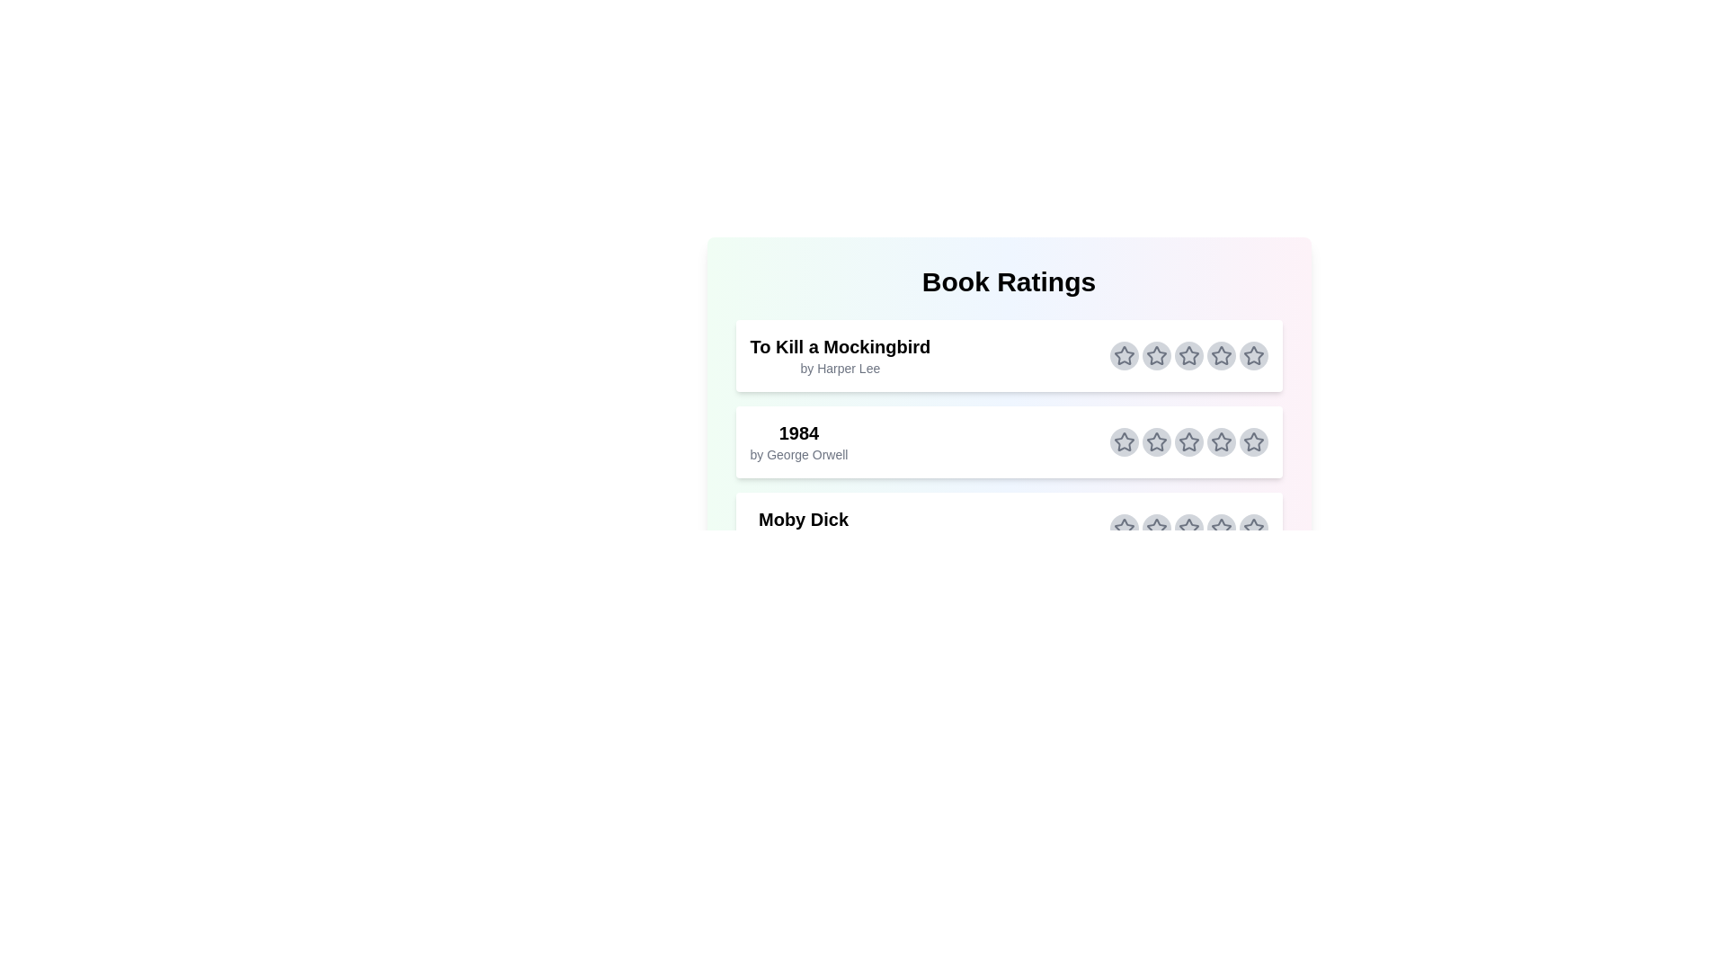  Describe the element at coordinates (1221, 356) in the screenshot. I see `the star corresponding to 4 stars for the book titled To Kill a Mockingbird` at that location.